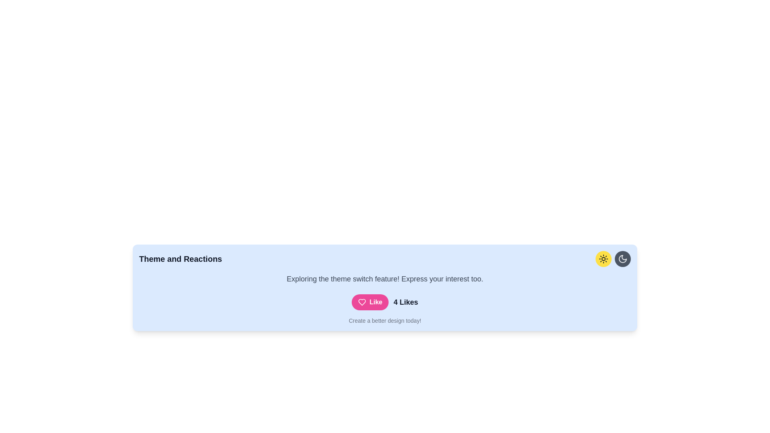  What do you see at coordinates (406, 302) in the screenshot?
I see `the text label that indicates the number of likes received, which is located immediately to the right of the pink 'Like' button with a heart icon` at bounding box center [406, 302].